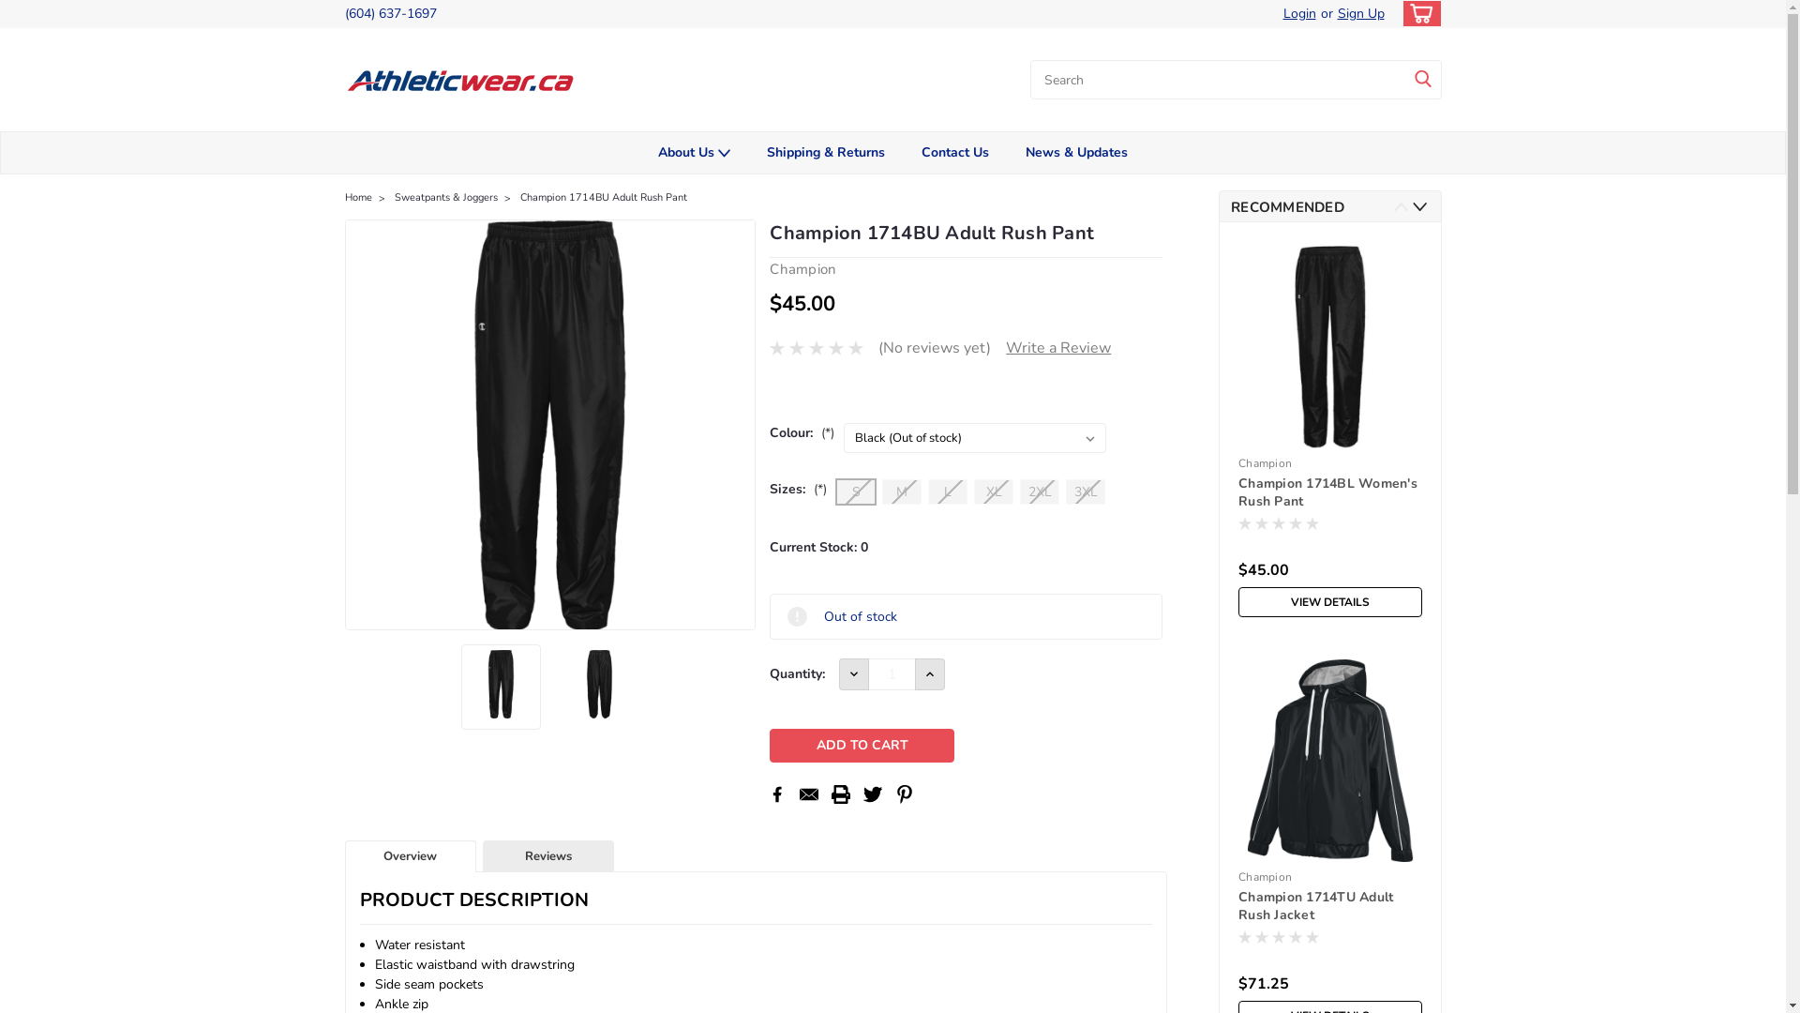 The height and width of the screenshot is (1013, 1800). I want to click on 'Champion 1714TU Adult Rush Jacket', so click(1329, 906).